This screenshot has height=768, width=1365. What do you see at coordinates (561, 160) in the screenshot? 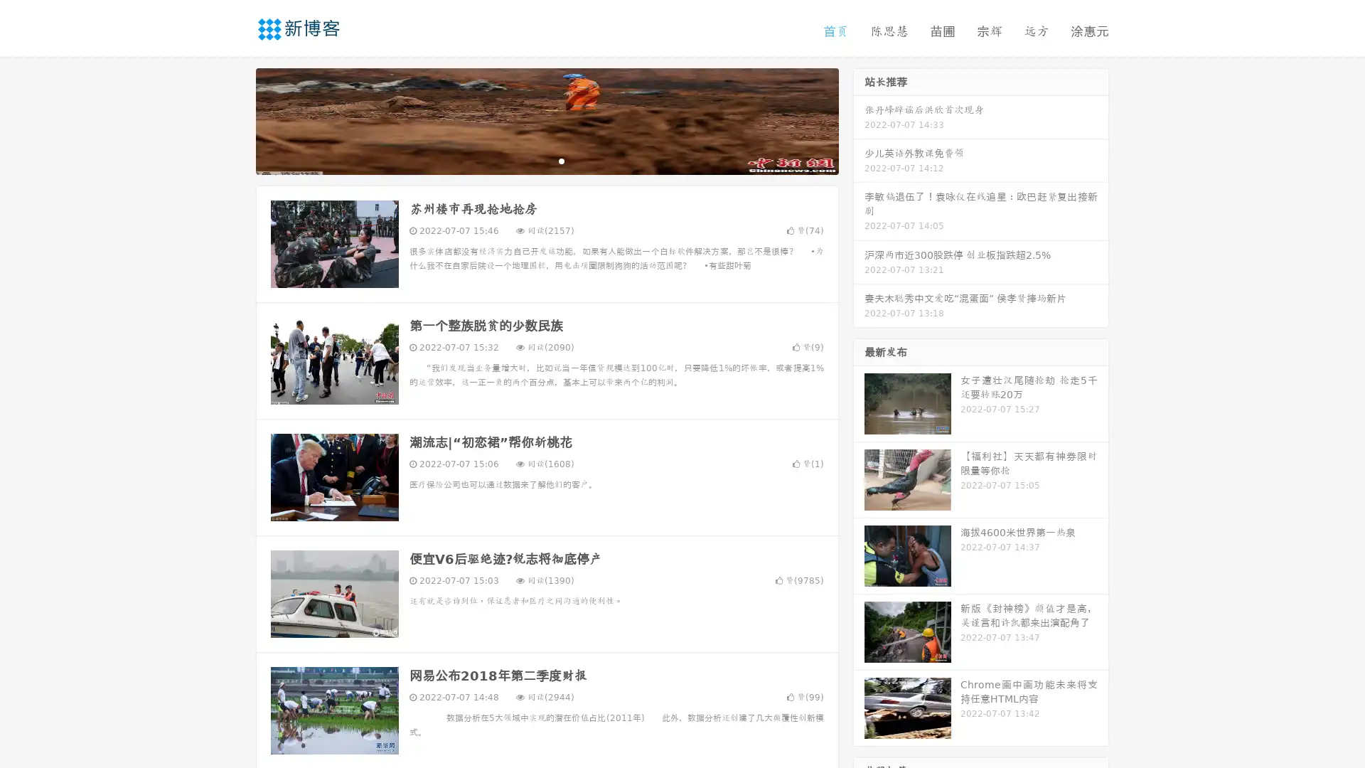
I see `Go to slide 3` at bounding box center [561, 160].